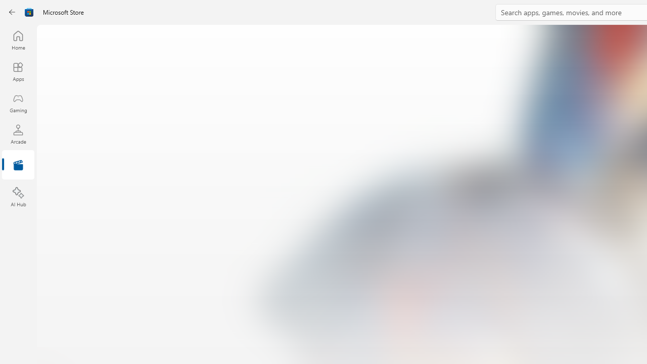 This screenshot has width=647, height=364. What do you see at coordinates (18, 197) in the screenshot?
I see `'AI Hub'` at bounding box center [18, 197].